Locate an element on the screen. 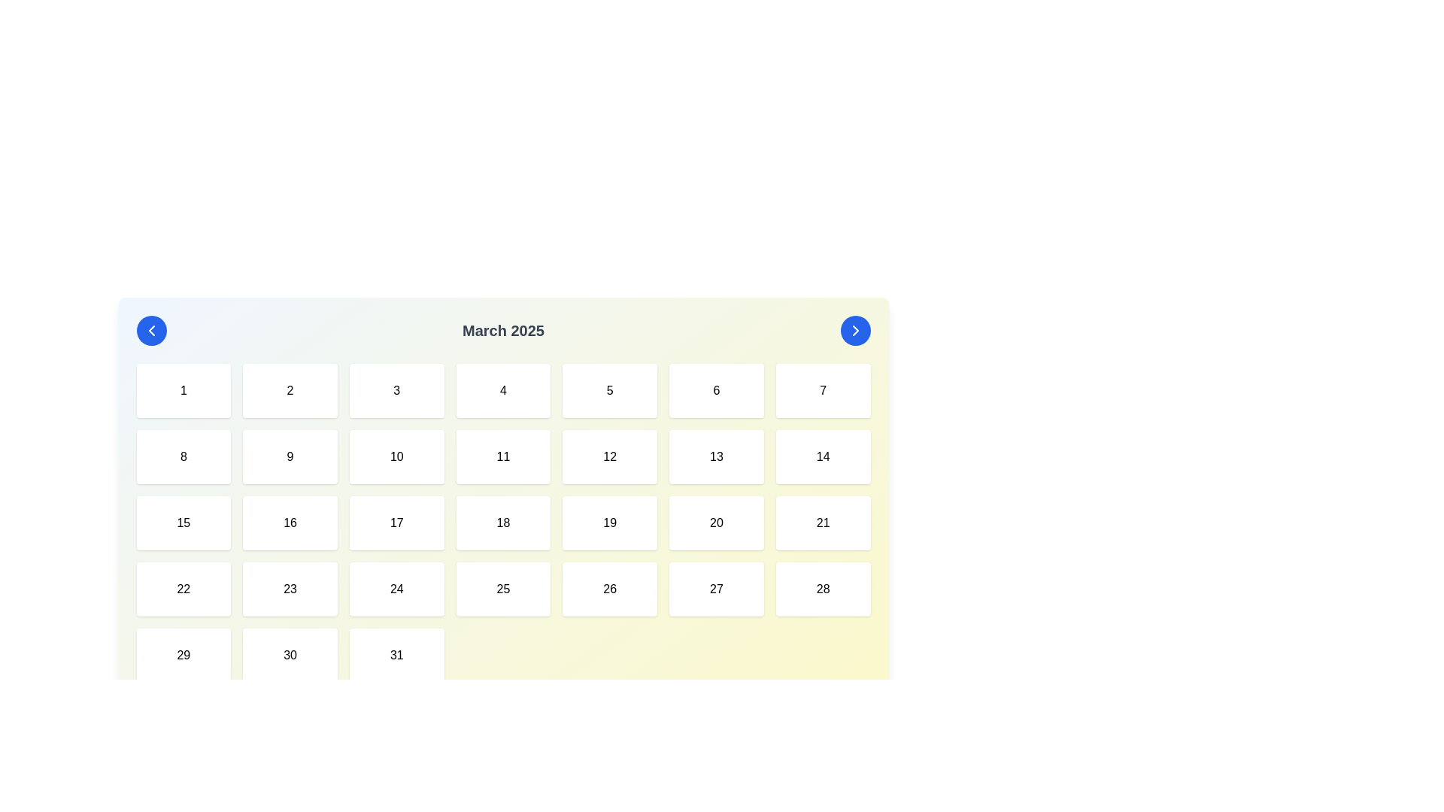 The width and height of the screenshot is (1444, 812). the Calendar Day Tile displaying the number '17' is located at coordinates (396, 522).